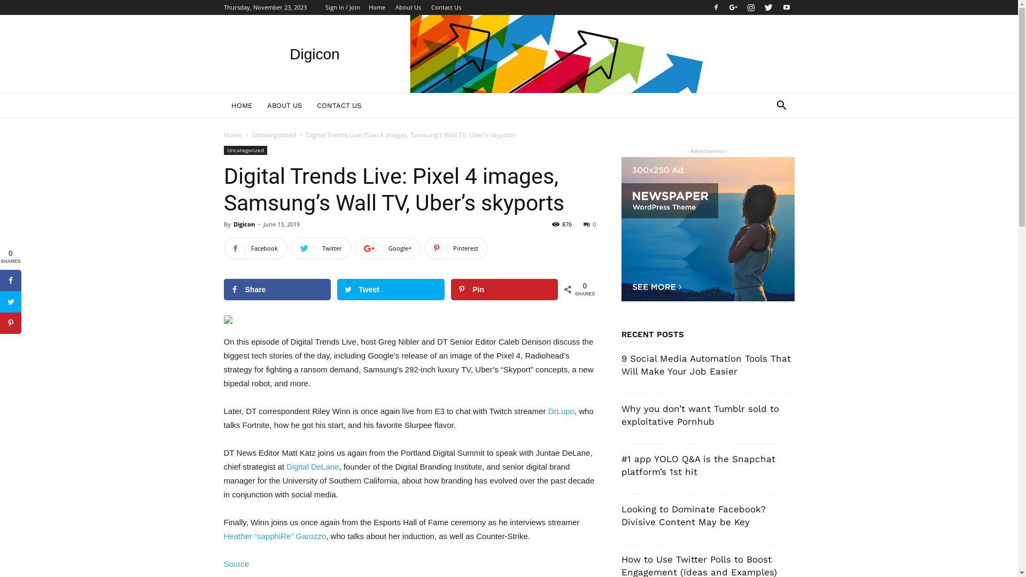 Image resolution: width=1026 pixels, height=577 pixels. I want to click on 'Home', so click(232, 134).